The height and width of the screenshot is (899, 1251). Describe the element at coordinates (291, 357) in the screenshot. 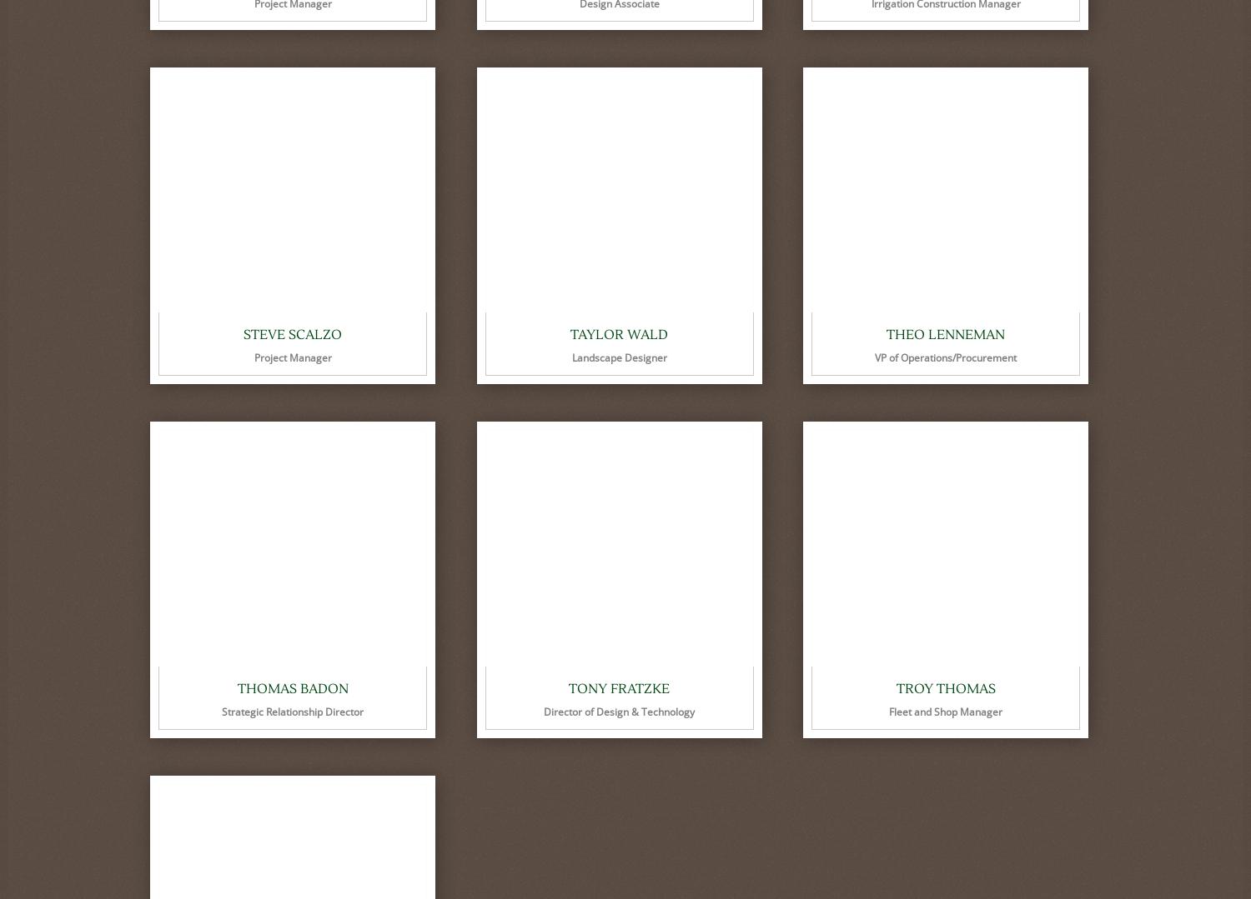

I see `'Project Manager'` at that location.